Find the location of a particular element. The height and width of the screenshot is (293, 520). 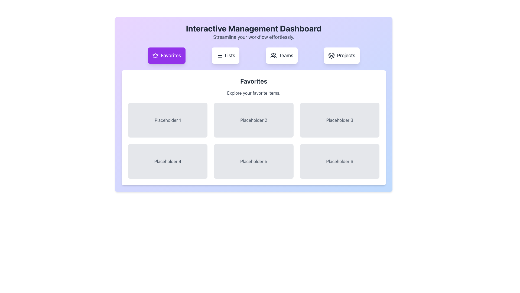

the star icon located inside the purple 'Favorites' button, which has a bold outline and a white fill with a black outline is located at coordinates (155, 55).